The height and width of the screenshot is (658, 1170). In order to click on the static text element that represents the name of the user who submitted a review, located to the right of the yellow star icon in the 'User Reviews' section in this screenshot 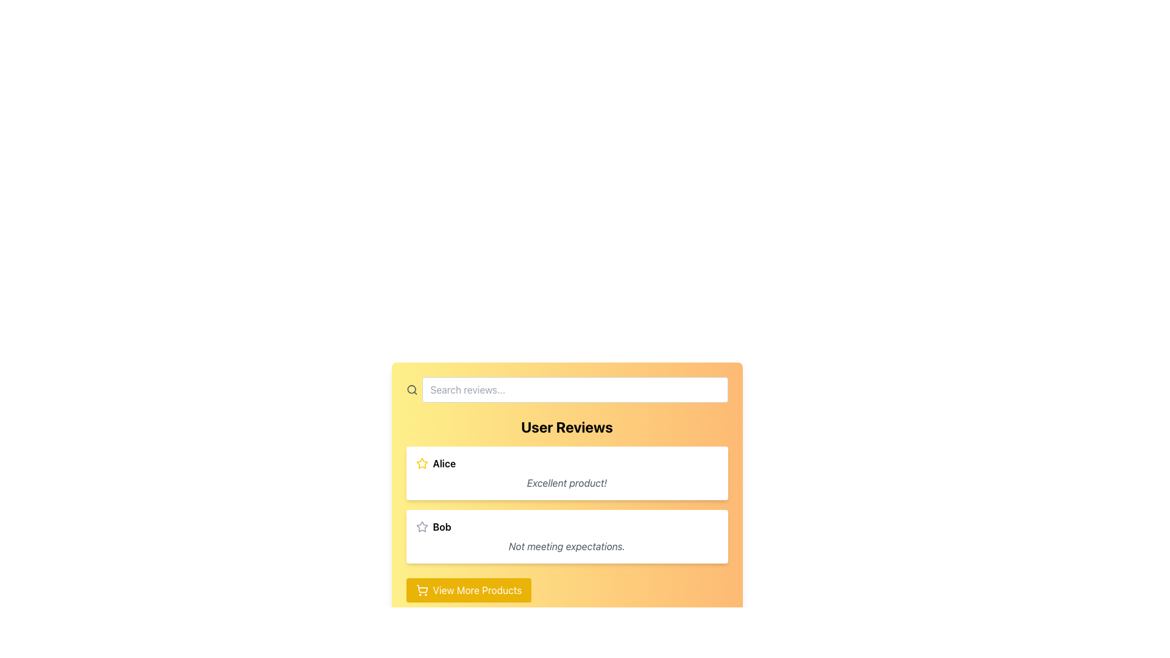, I will do `click(444, 463)`.